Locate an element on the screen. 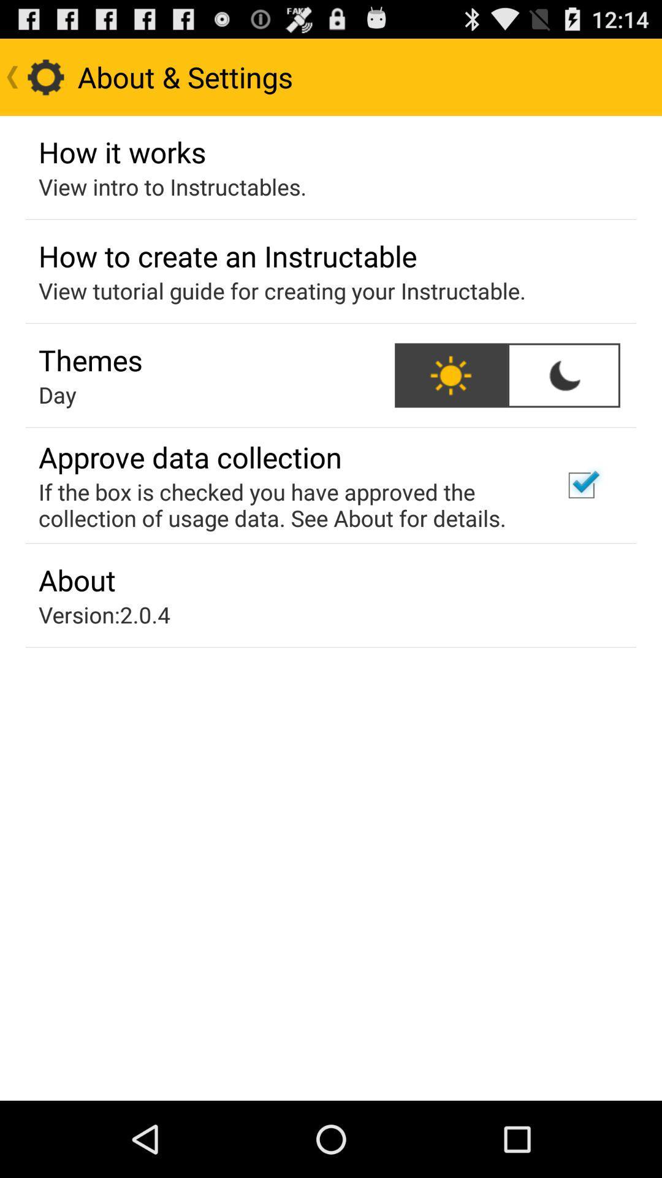 This screenshot has width=662, height=1178. item above themes icon is located at coordinates (282, 290).